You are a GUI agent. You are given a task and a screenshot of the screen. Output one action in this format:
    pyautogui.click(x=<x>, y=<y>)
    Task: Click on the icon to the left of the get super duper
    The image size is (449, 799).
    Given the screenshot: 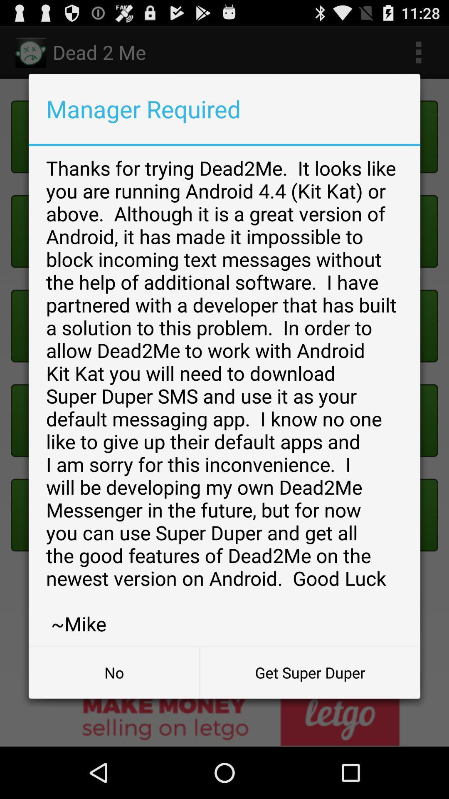 What is the action you would take?
    pyautogui.click(x=114, y=672)
    